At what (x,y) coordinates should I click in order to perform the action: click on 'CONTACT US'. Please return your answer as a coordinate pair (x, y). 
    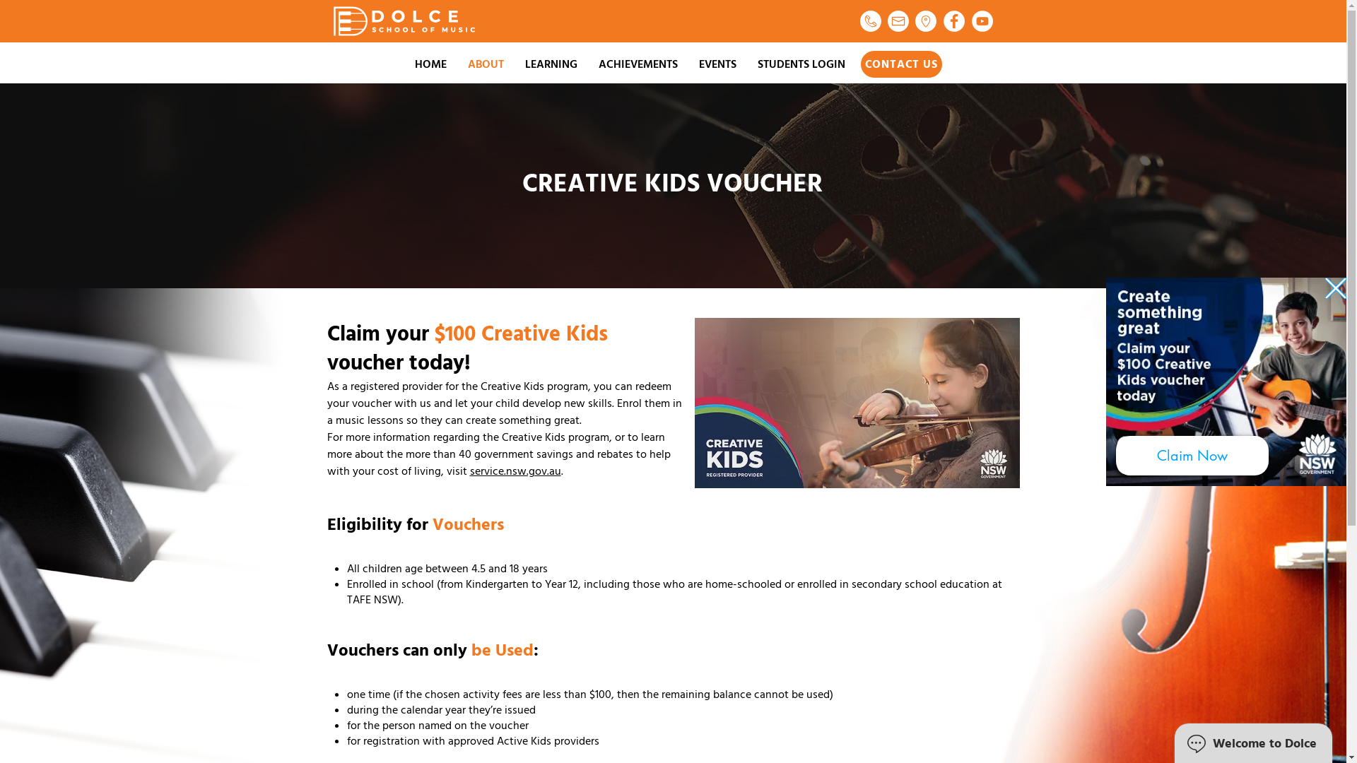
    Looking at the image, I should click on (858, 64).